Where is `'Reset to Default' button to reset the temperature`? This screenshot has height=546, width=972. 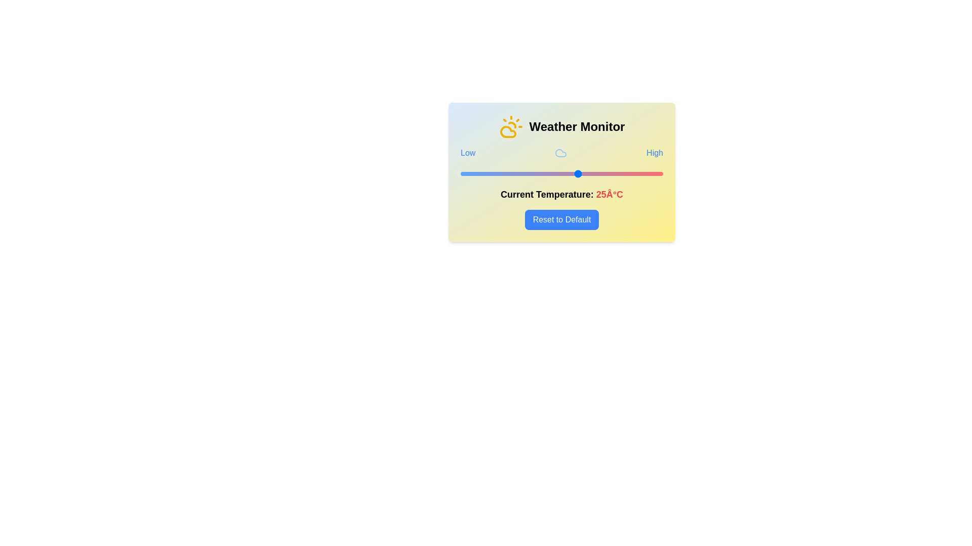
'Reset to Default' button to reset the temperature is located at coordinates (561, 219).